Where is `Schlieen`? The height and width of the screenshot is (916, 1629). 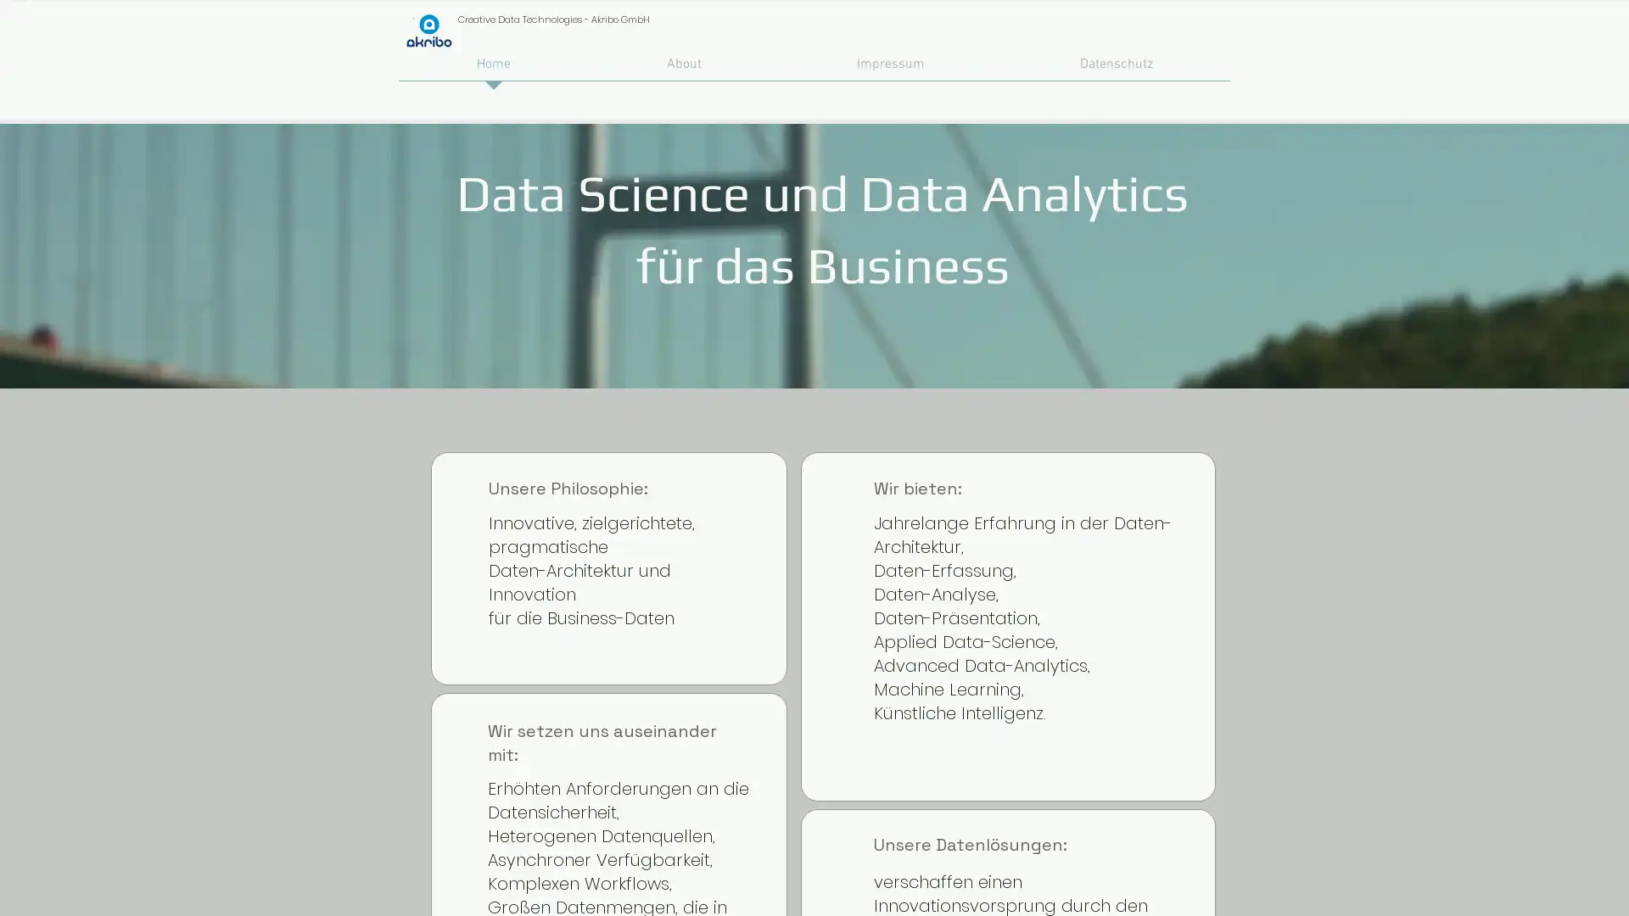 Schlieen is located at coordinates (1608, 885).